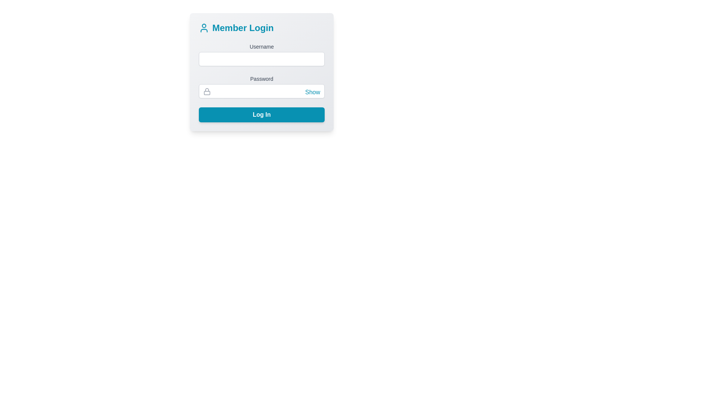 This screenshot has width=719, height=404. What do you see at coordinates (313, 92) in the screenshot?
I see `the 'Show' button, which is cyan-colored and located at the top-right corner of the password input field, to trigger the tooltip` at bounding box center [313, 92].